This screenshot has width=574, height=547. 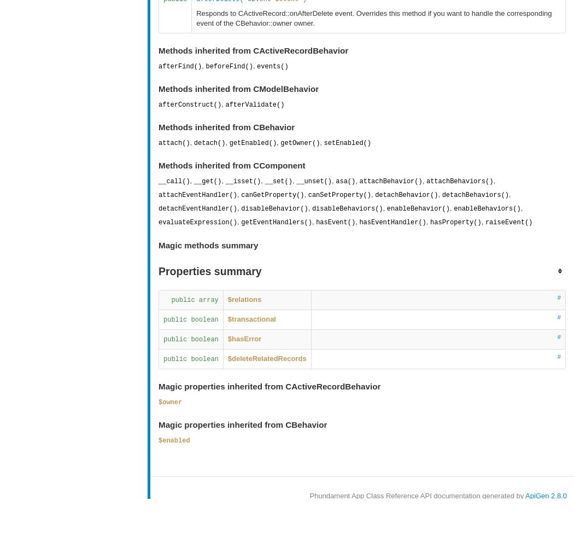 What do you see at coordinates (268, 385) in the screenshot?
I see `'Magic properties inherited from CActiveRecordBehavior'` at bounding box center [268, 385].